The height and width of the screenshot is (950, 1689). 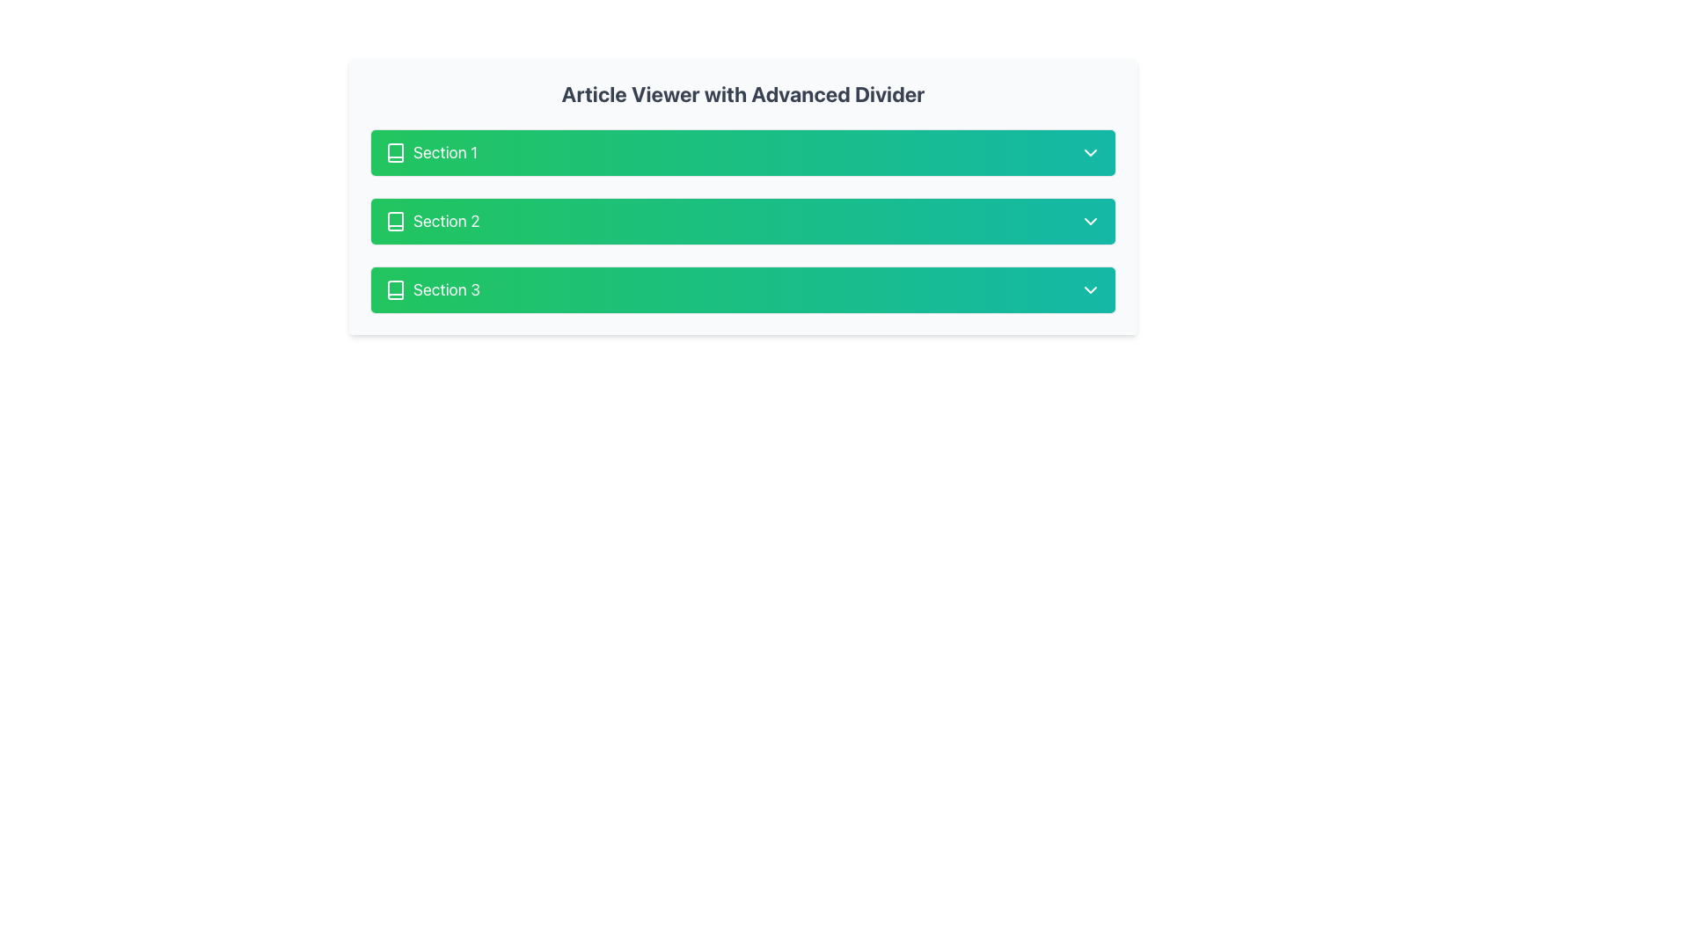 I want to click on the text label reading 'Section 1' which is styled with white text on a green background, located next to a book icon, so click(x=431, y=151).